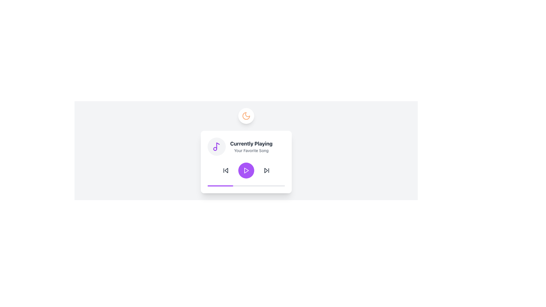  Describe the element at coordinates (246, 146) in the screenshot. I see `text content of the 'Currently Playing' text block which includes the headline in bold and the subtext below it` at that location.